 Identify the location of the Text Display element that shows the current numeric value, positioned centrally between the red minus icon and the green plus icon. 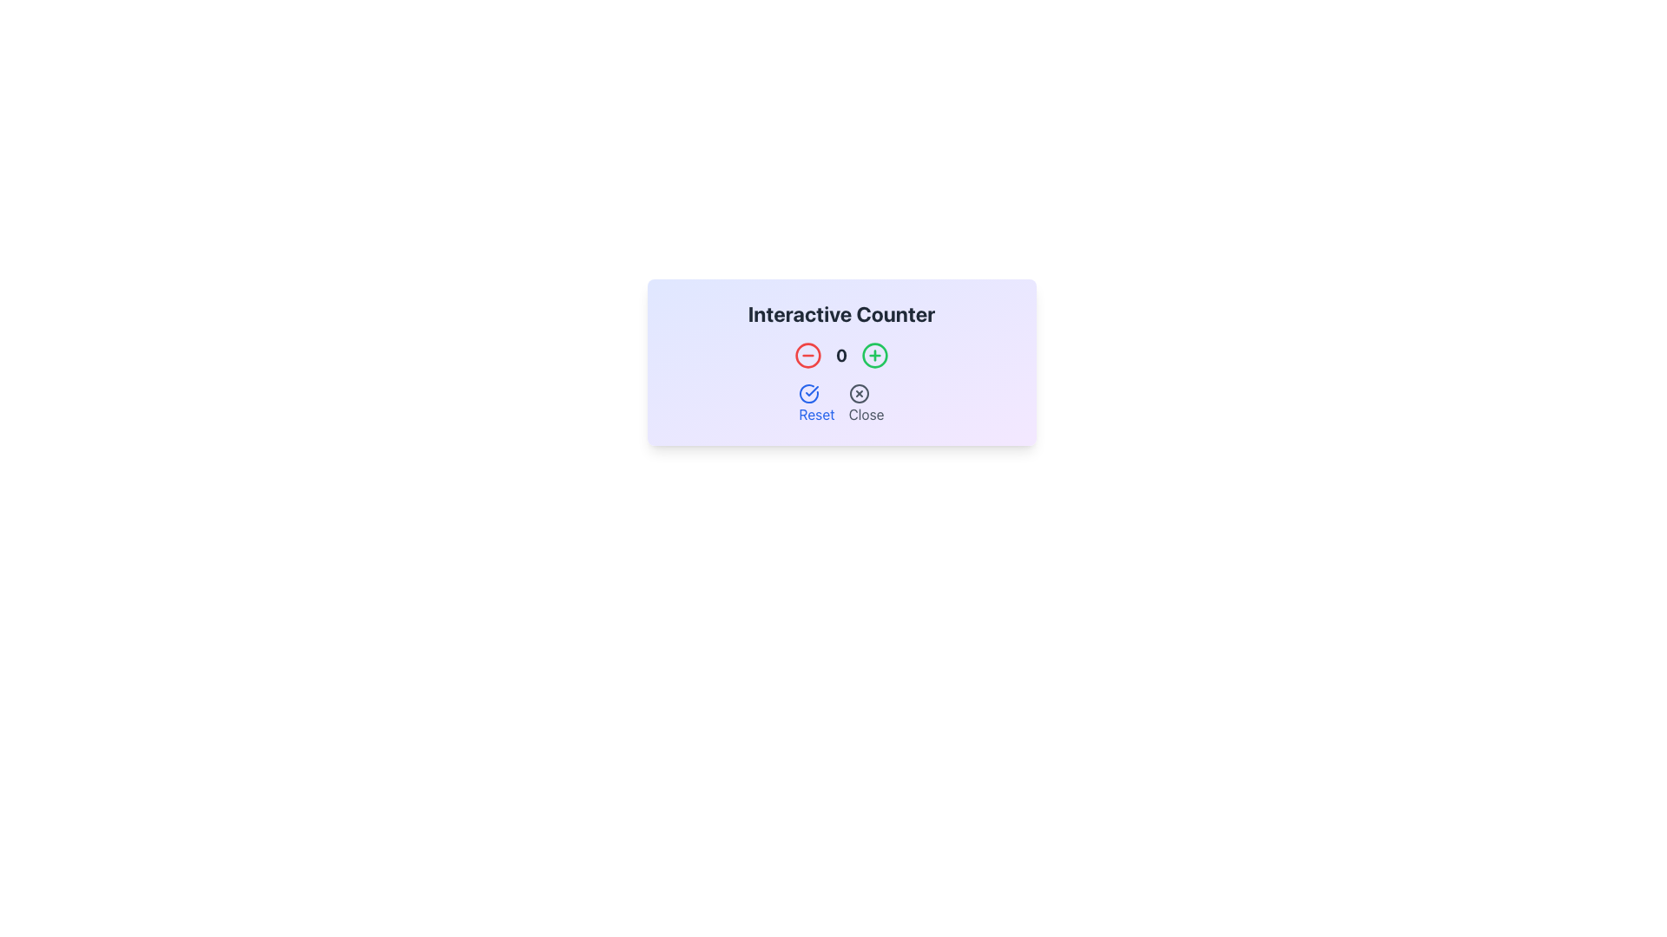
(841, 354).